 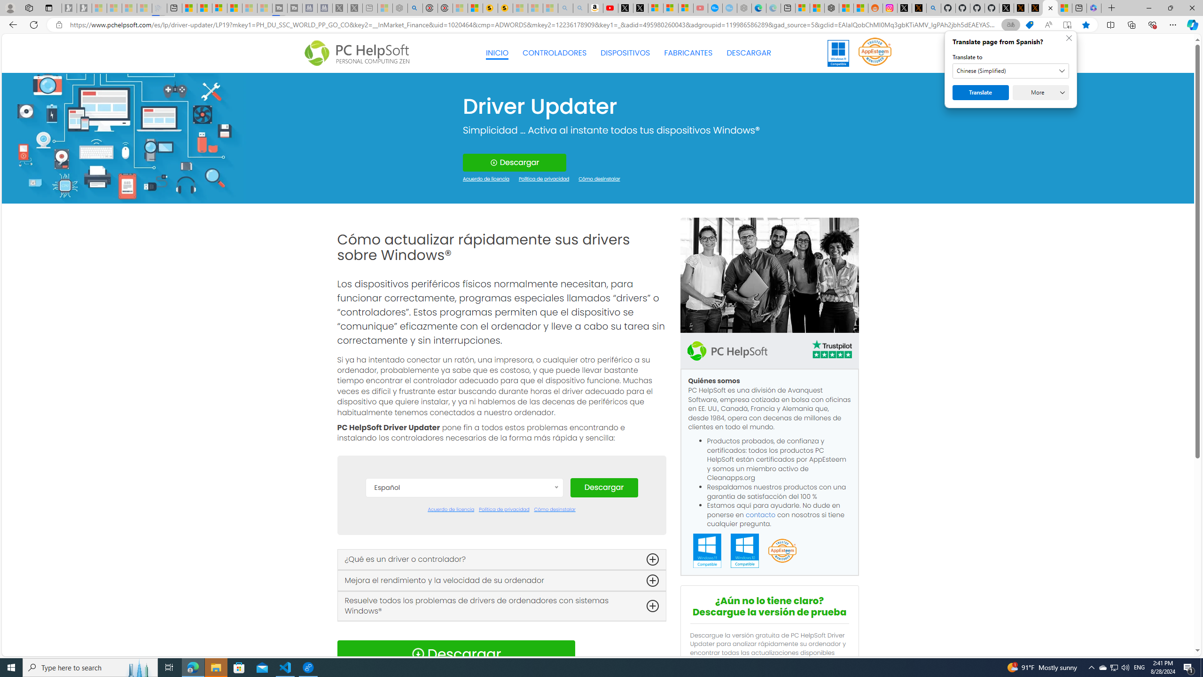 What do you see at coordinates (580, 8) in the screenshot?
I see `'Amazon Echo Dot PNG - Search Images - Sleeping'` at bounding box center [580, 8].